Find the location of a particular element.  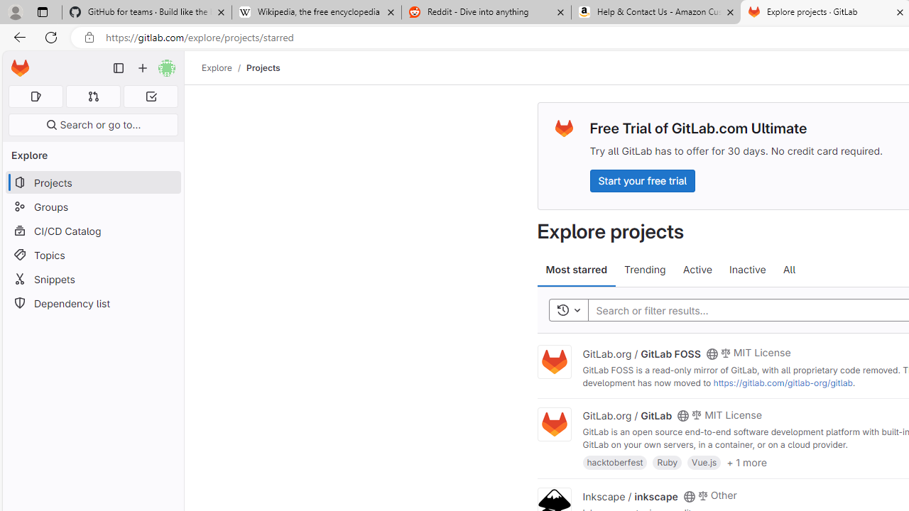

'Dependency list' is located at coordinates (92, 302).